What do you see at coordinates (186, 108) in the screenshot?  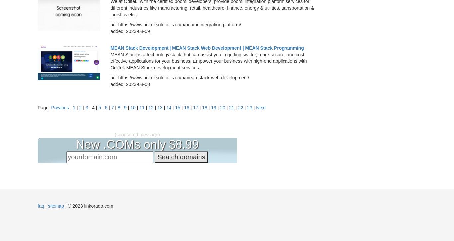 I see `'16'` at bounding box center [186, 108].